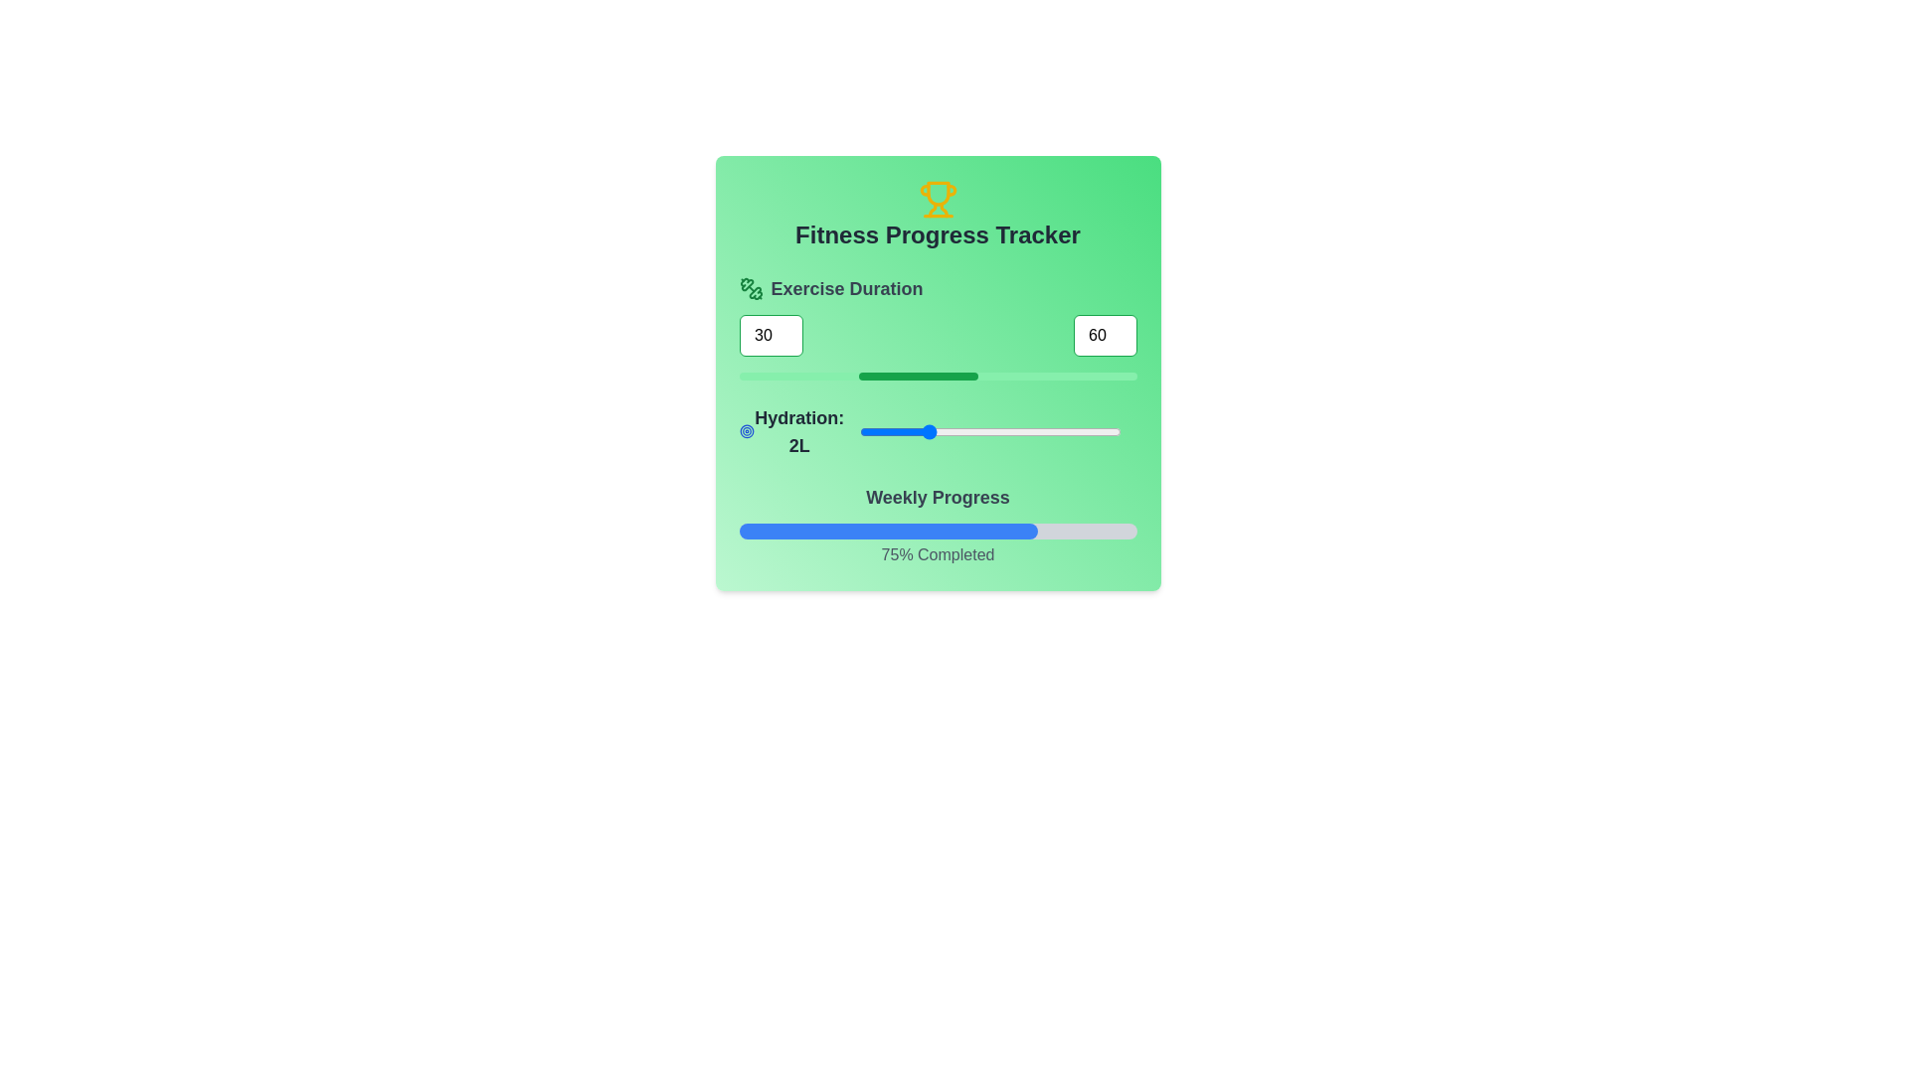 This screenshot has width=1909, height=1073. I want to click on the decorative icon in the header section of the 'Fitness Progress Tracker' card, which emphasizes achievements or progress, so click(937, 194).